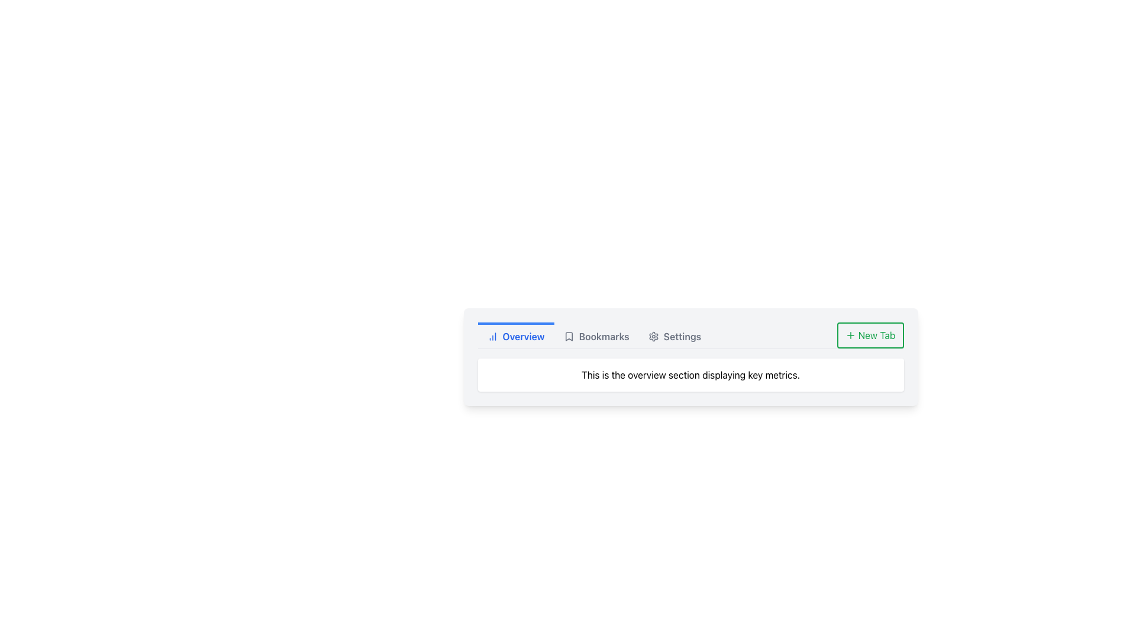 Image resolution: width=1136 pixels, height=639 pixels. I want to click on the 'New Tab' button located at the far right of the top navigation bar, after 'Overview,' 'Bookmarks,' and 'Settings,', so click(870, 335).